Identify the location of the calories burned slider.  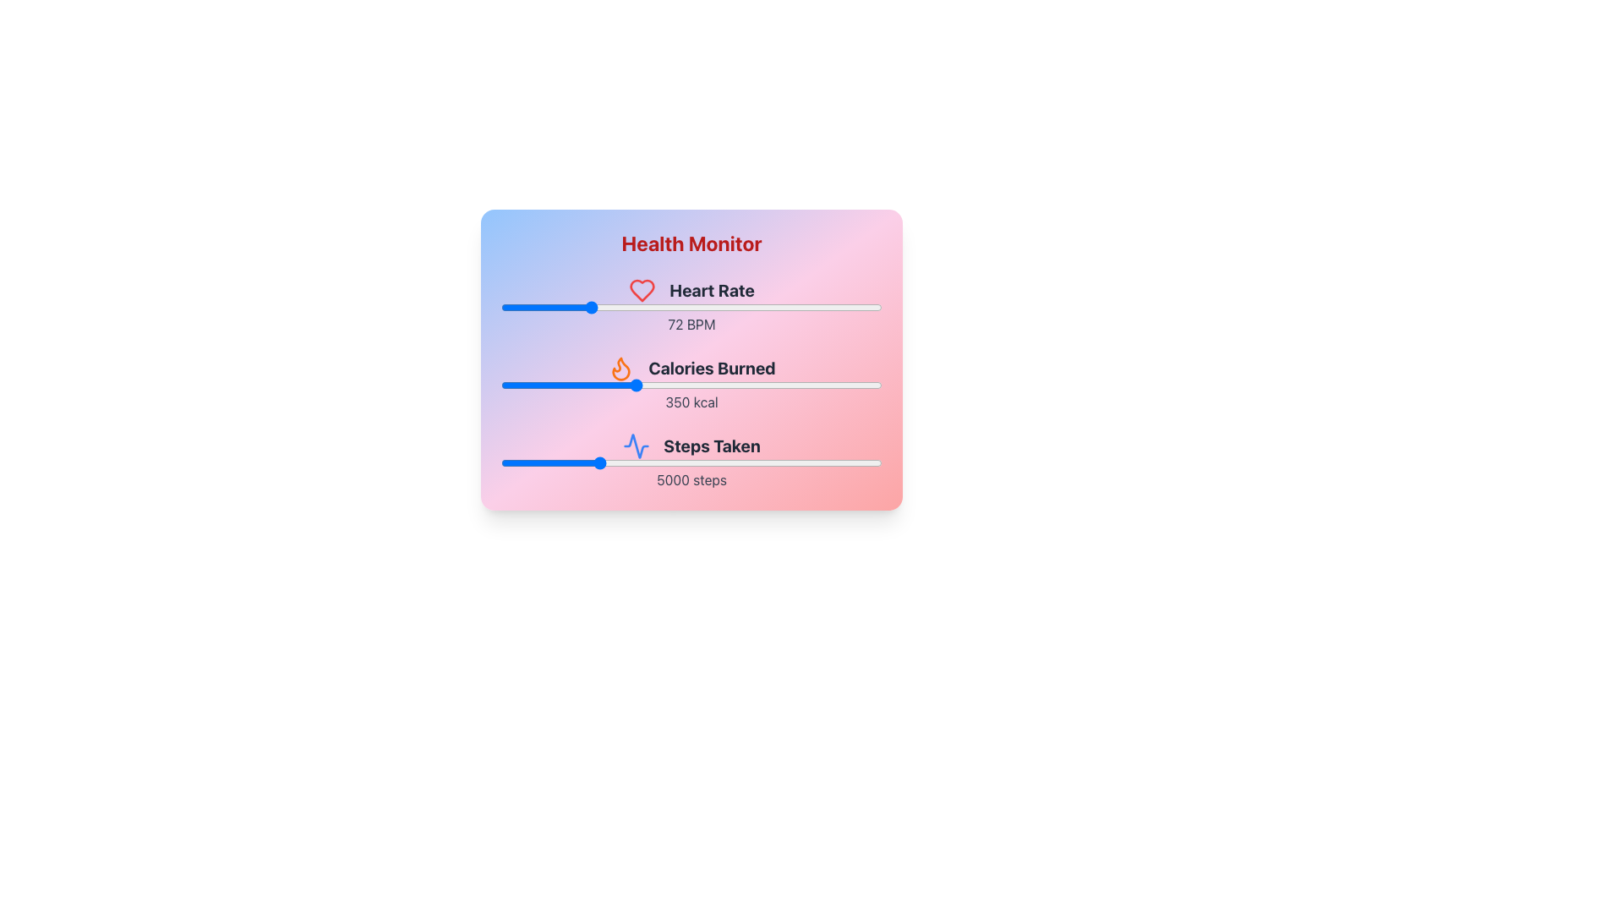
(807, 385).